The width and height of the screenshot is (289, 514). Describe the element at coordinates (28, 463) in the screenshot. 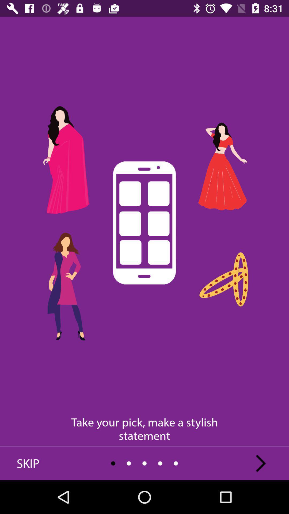

I see `the icon next to the take your pick item` at that location.